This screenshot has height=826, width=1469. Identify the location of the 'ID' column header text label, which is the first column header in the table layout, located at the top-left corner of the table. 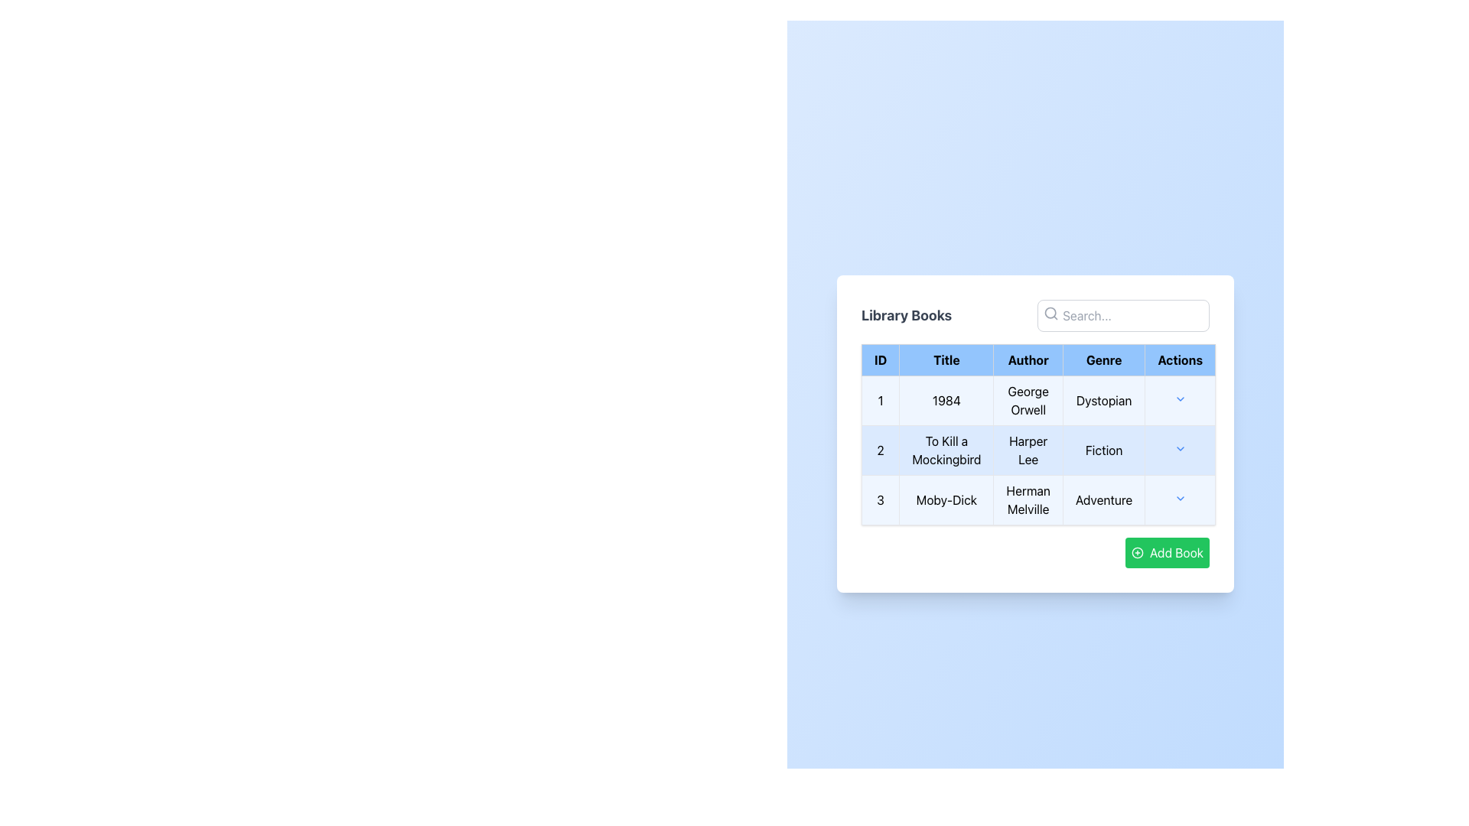
(881, 359).